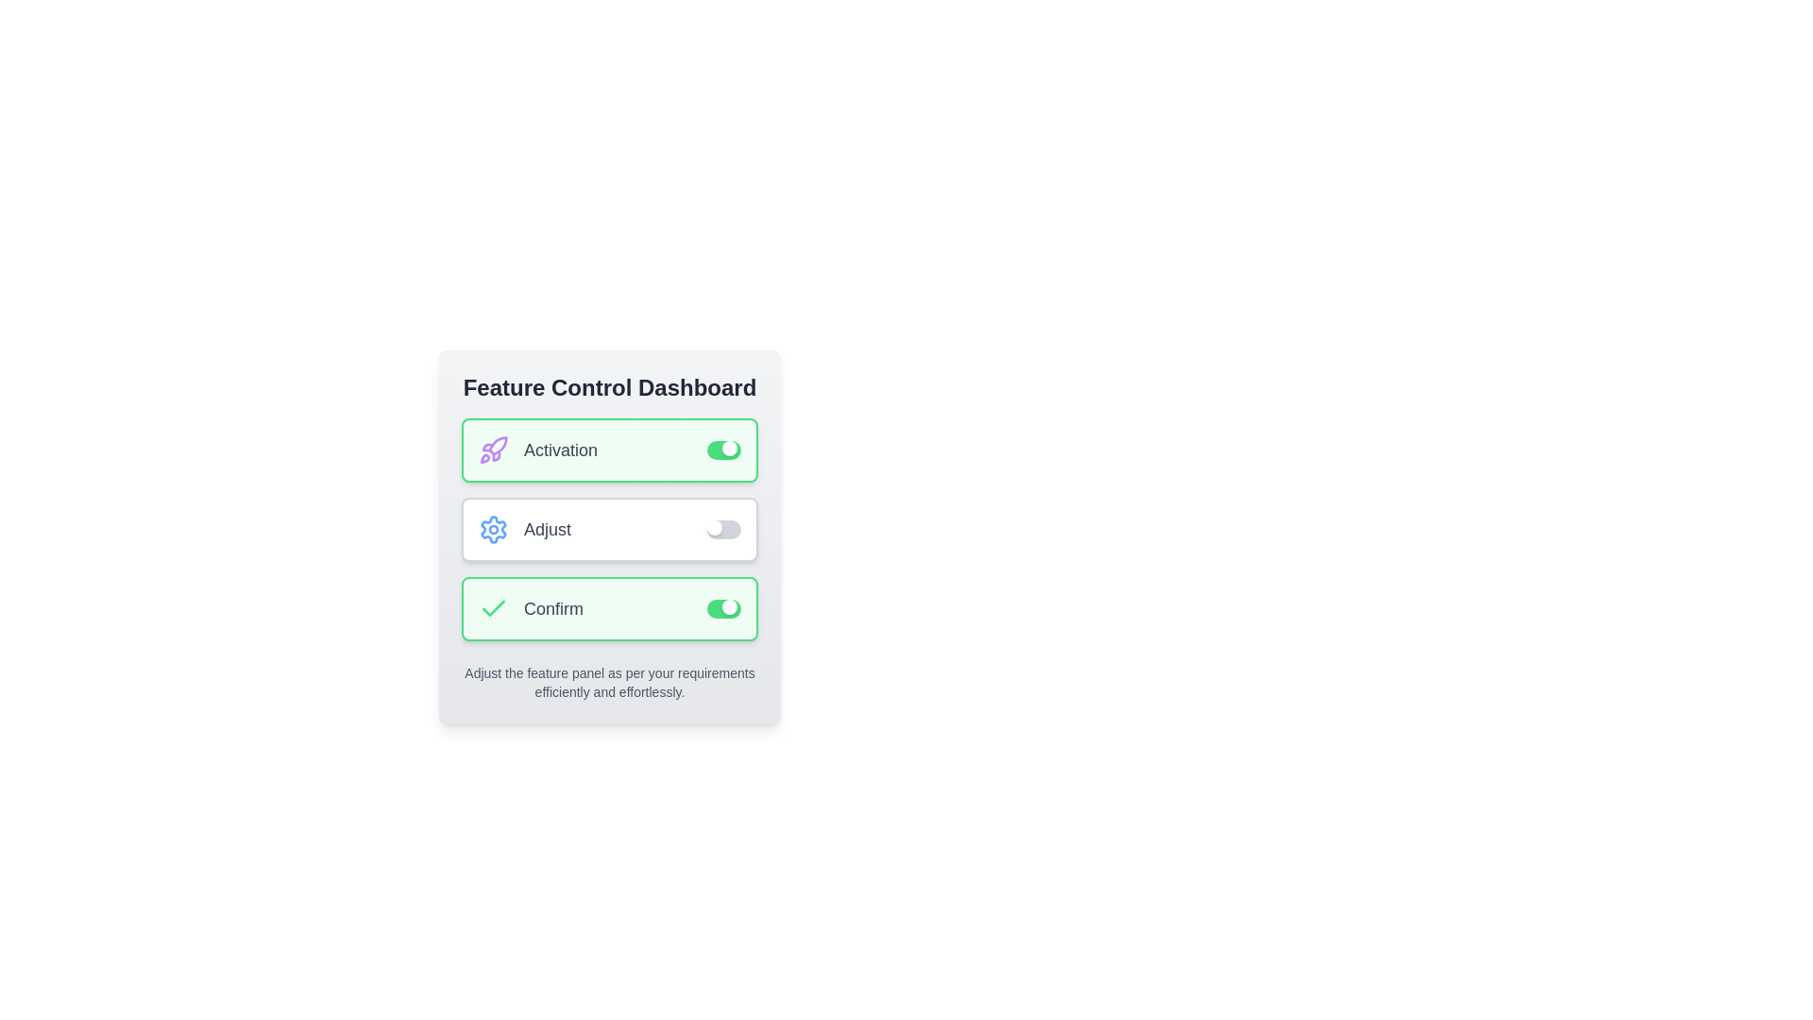  What do you see at coordinates (723, 450) in the screenshot?
I see `the 'Activation' toggle switch to change its state` at bounding box center [723, 450].